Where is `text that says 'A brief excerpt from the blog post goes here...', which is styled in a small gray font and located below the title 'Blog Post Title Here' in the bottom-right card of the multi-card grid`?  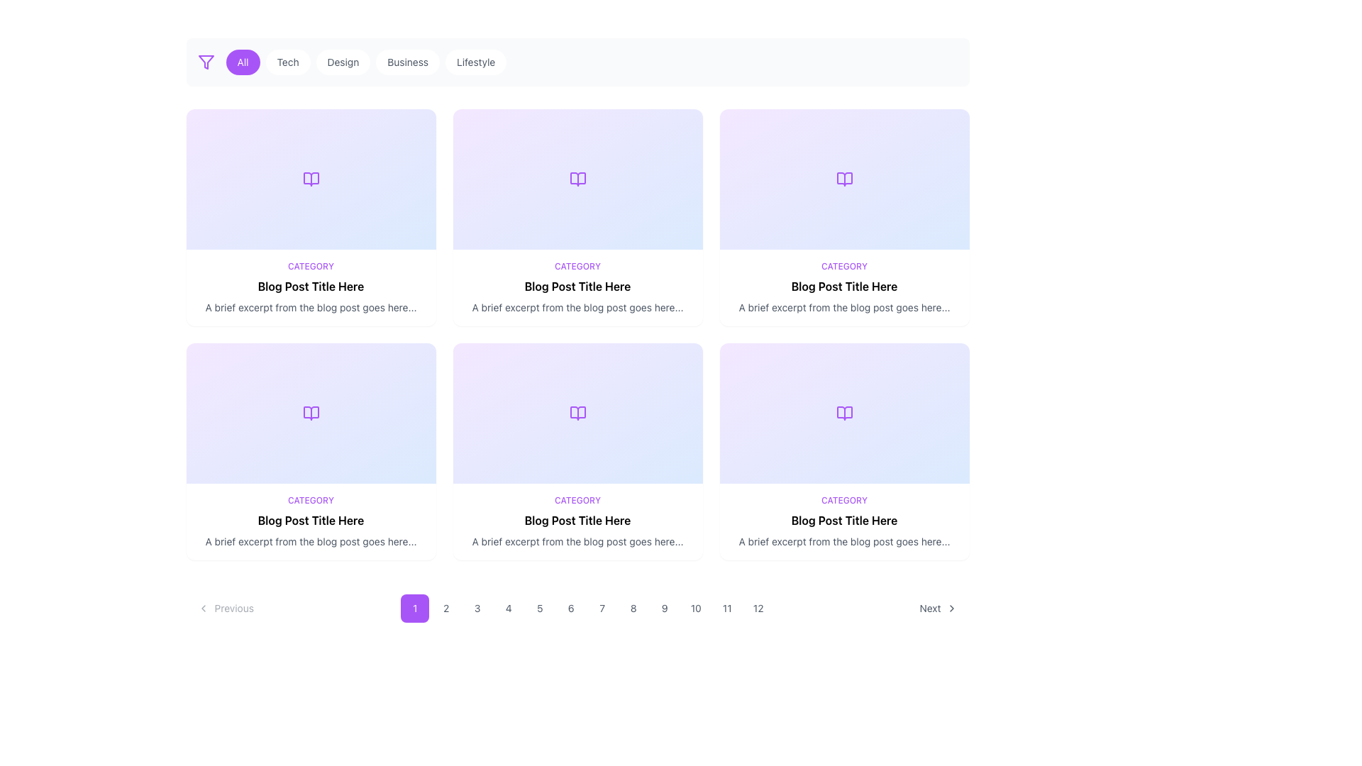
text that says 'A brief excerpt from the blog post goes here...', which is styled in a small gray font and located below the title 'Blog Post Title Here' in the bottom-right card of the multi-card grid is located at coordinates (844, 541).